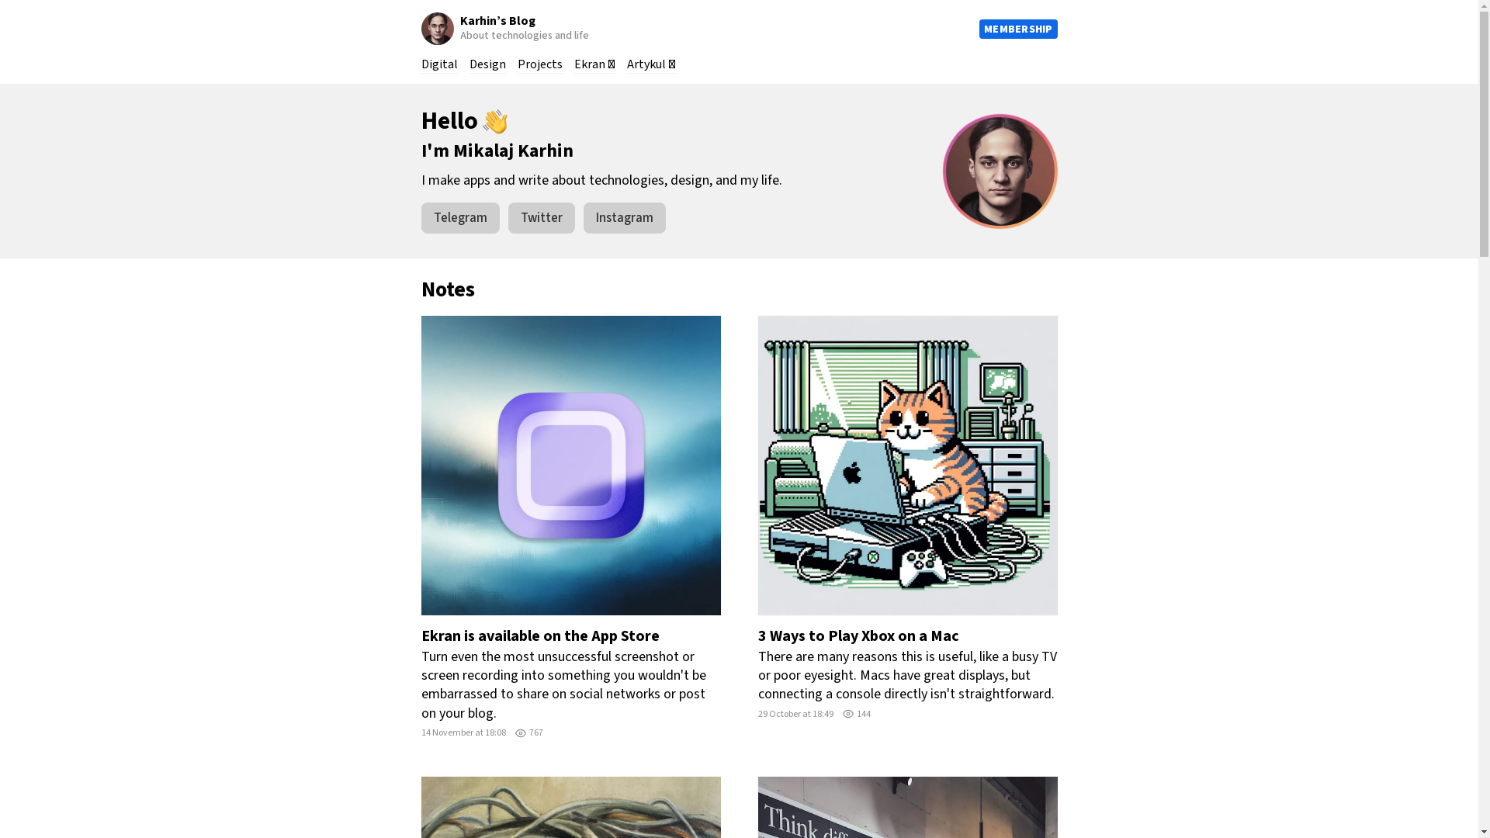  I want to click on '3 Ways to Play Xbox on a Mac', so click(907, 518).